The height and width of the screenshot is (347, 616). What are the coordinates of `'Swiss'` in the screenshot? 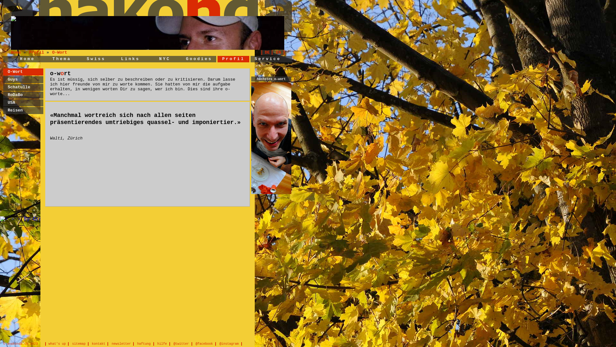 It's located at (96, 59).